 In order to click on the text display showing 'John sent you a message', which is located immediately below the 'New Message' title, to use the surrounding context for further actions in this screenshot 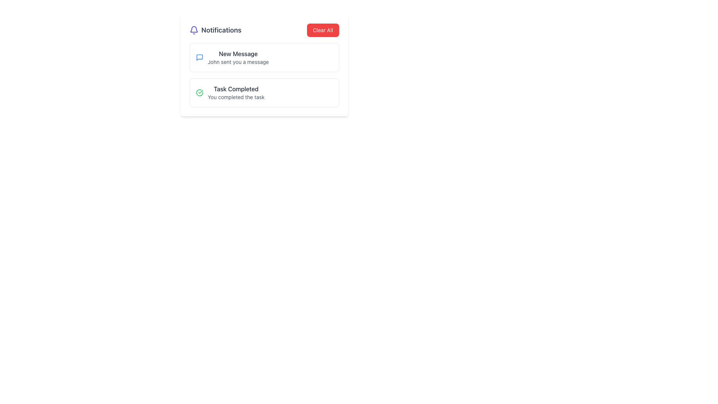, I will do `click(238, 61)`.